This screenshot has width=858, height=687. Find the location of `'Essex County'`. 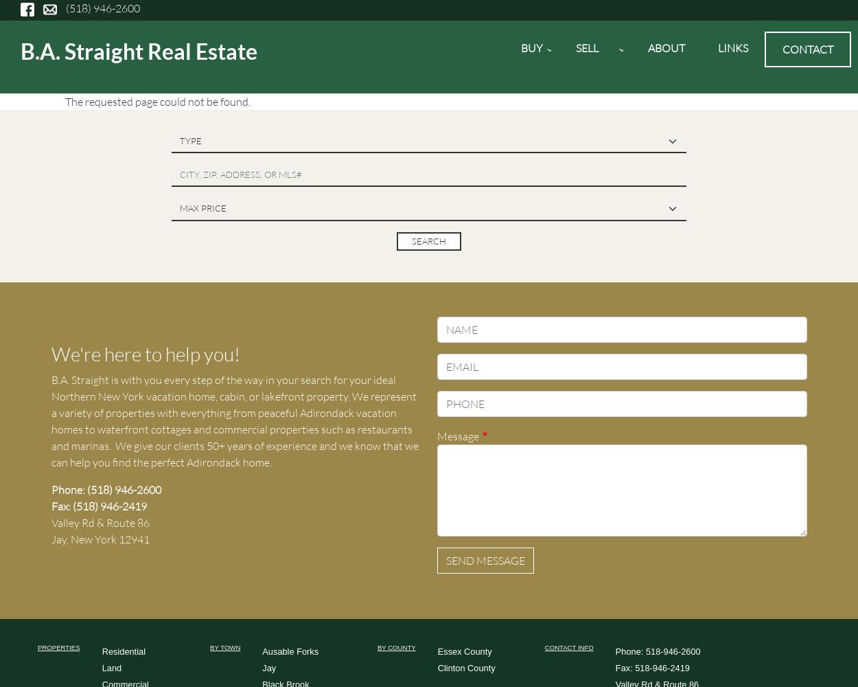

'Essex County' is located at coordinates (464, 651).